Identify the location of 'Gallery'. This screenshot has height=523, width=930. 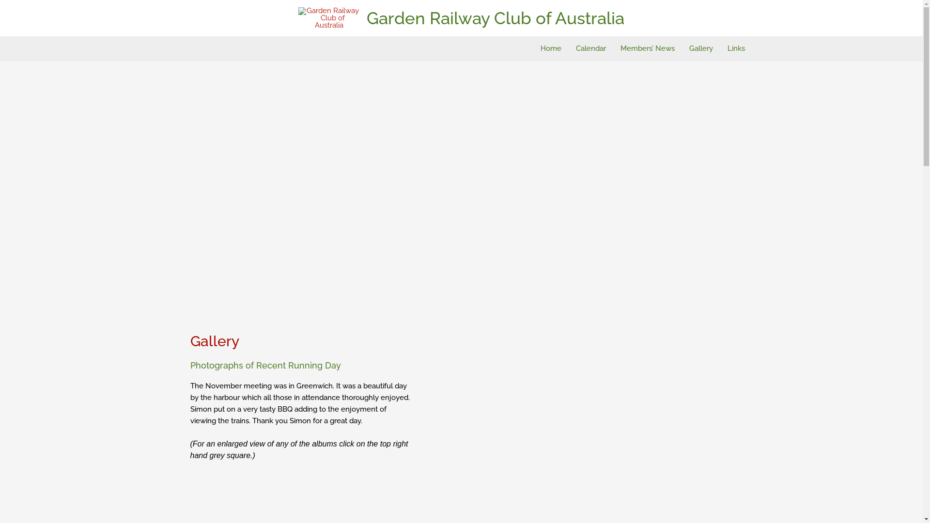
(701, 48).